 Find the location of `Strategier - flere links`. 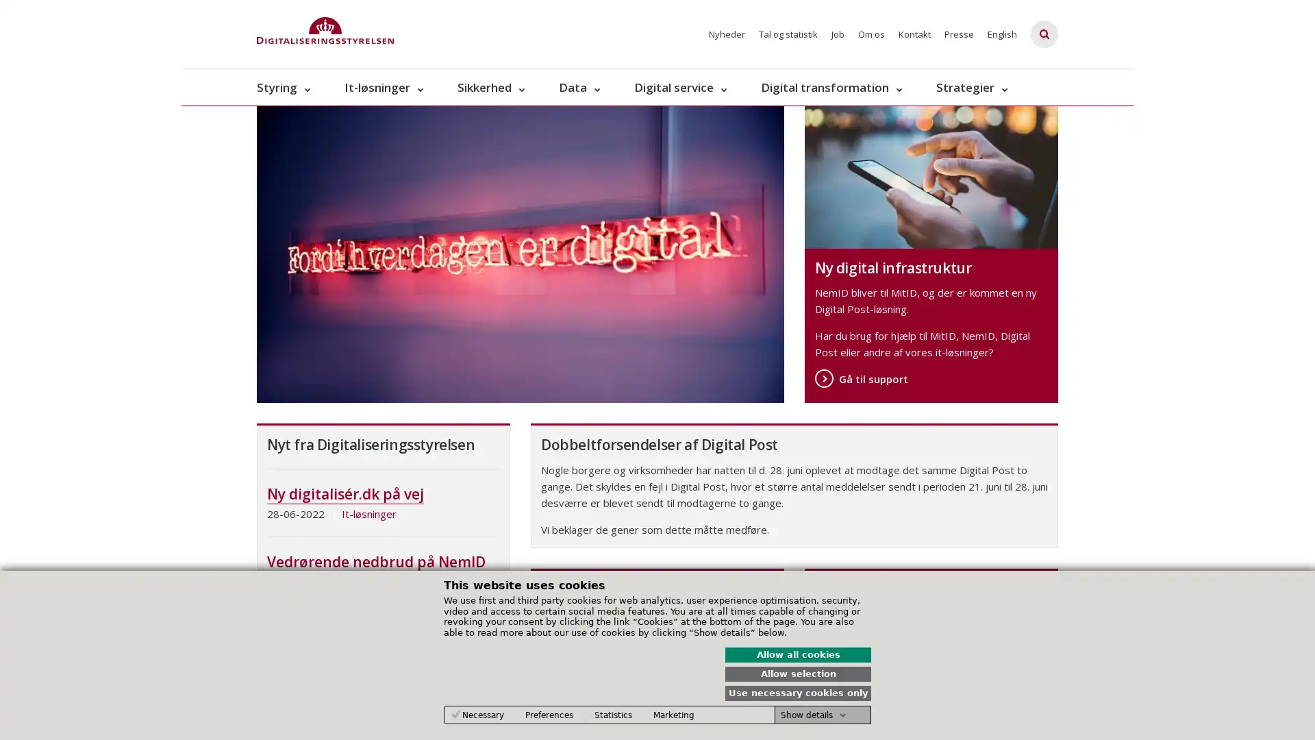

Strategier - flere links is located at coordinates (1004, 88).